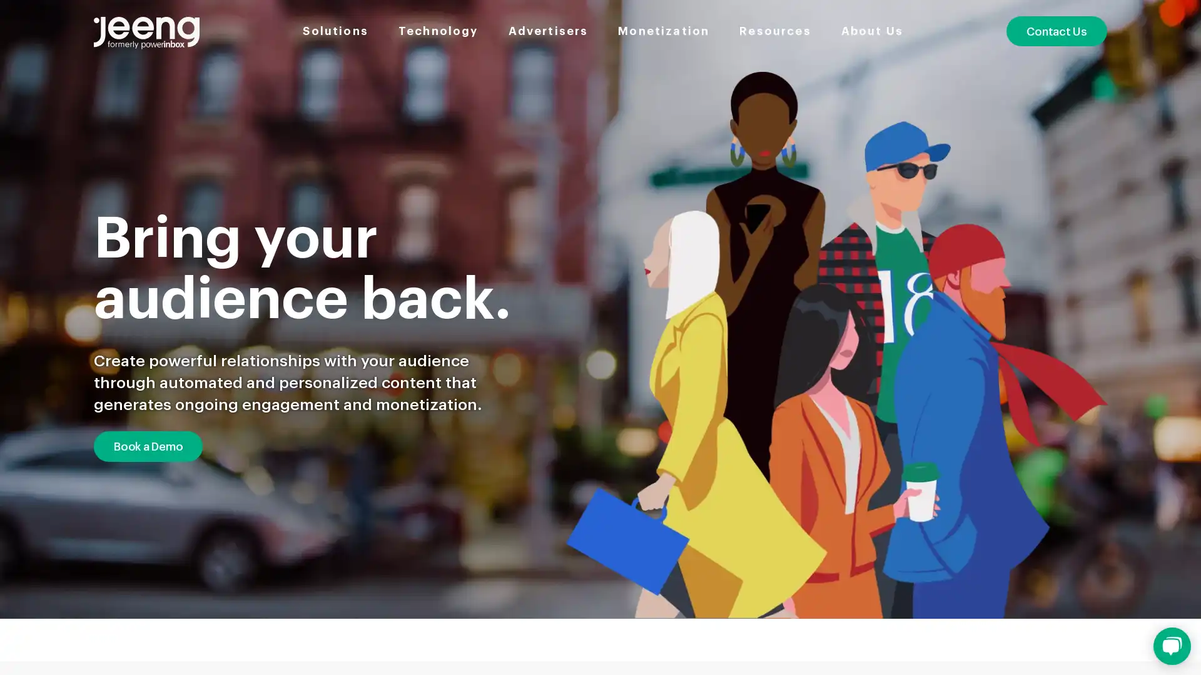  Describe the element at coordinates (546, 634) in the screenshot. I see `Go to slide 1` at that location.